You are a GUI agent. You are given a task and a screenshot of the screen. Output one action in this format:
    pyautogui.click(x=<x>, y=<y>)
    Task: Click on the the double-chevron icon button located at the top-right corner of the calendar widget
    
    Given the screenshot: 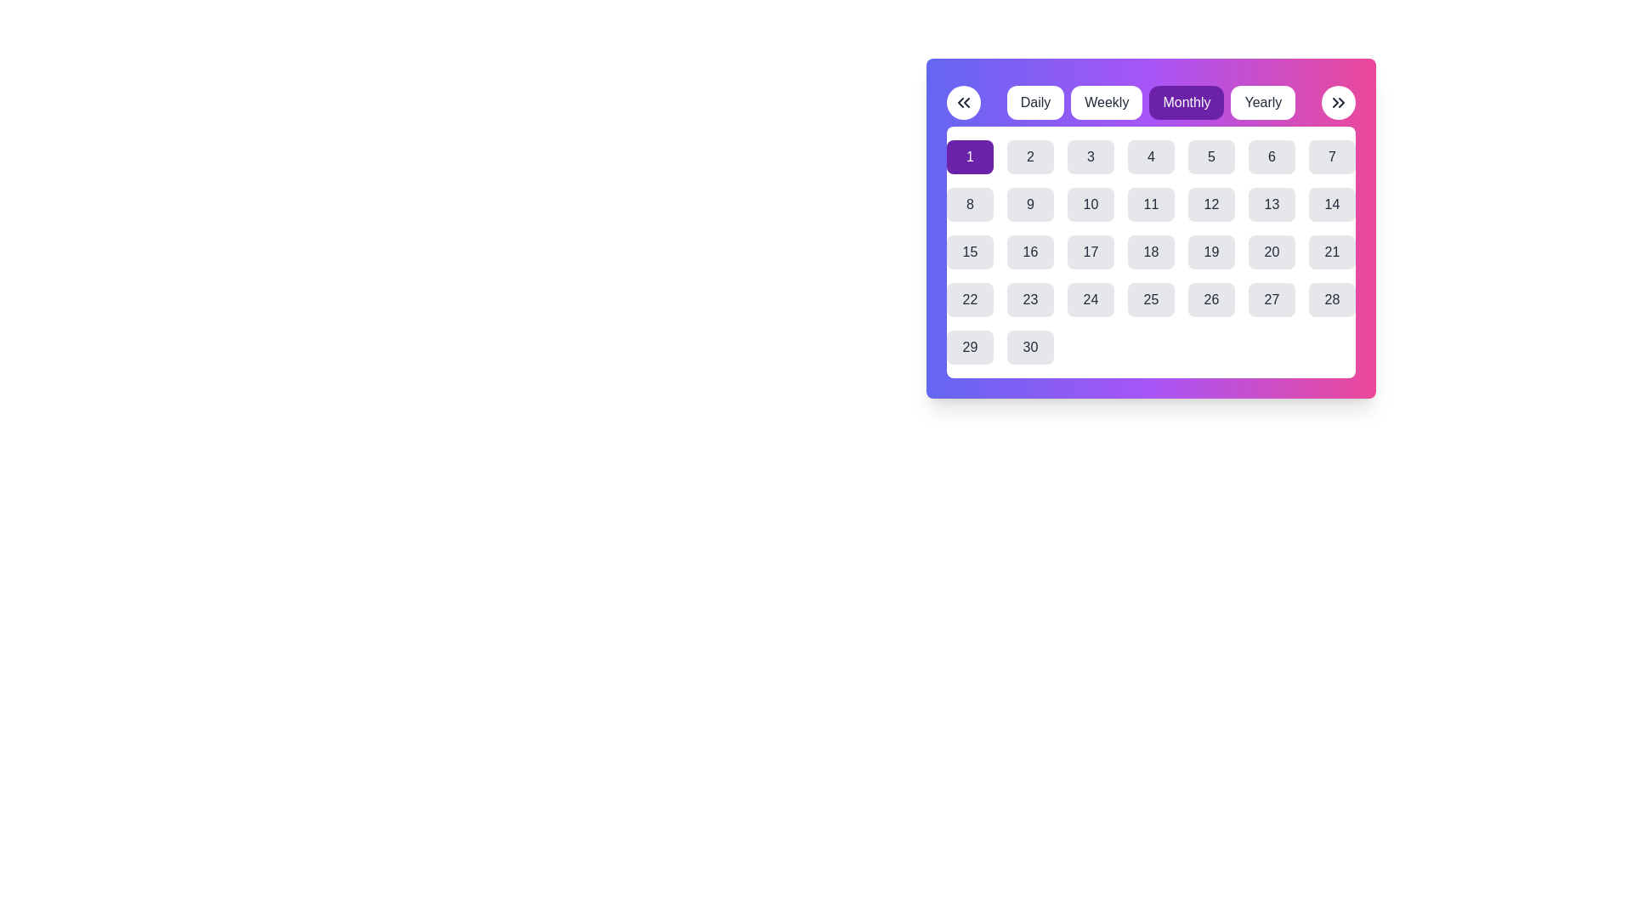 What is the action you would take?
    pyautogui.click(x=1337, y=102)
    